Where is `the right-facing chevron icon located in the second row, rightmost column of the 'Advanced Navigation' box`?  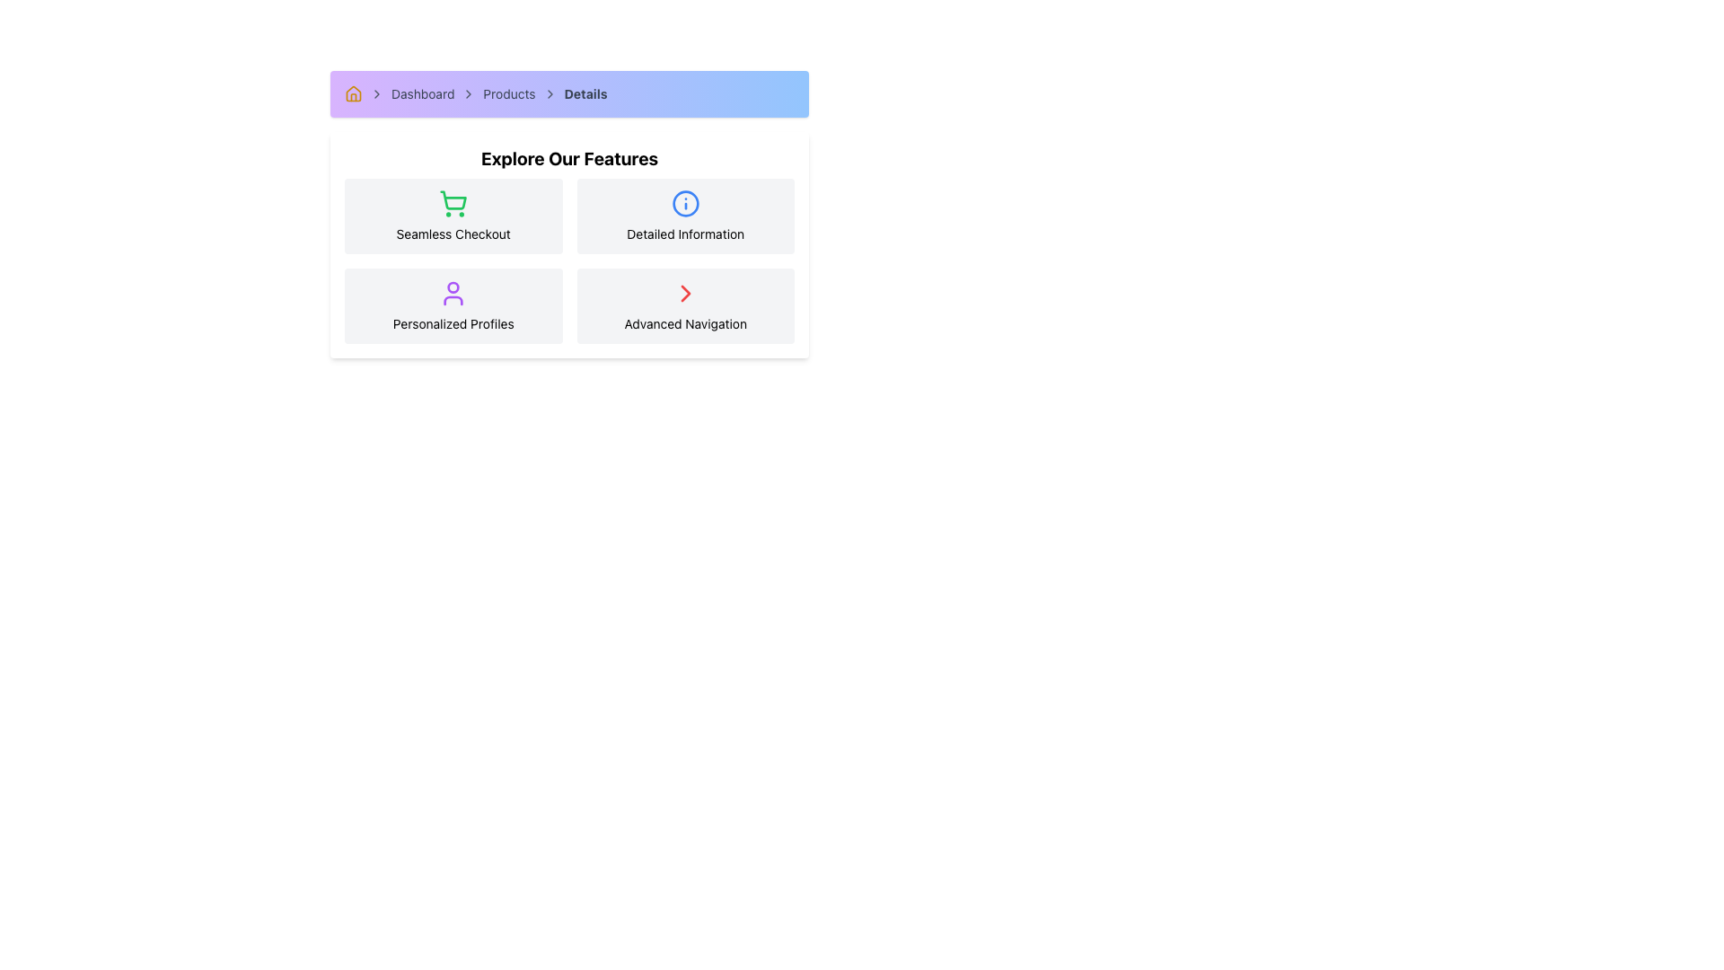
the right-facing chevron icon located in the second row, rightmost column of the 'Advanced Navigation' box is located at coordinates (684, 293).